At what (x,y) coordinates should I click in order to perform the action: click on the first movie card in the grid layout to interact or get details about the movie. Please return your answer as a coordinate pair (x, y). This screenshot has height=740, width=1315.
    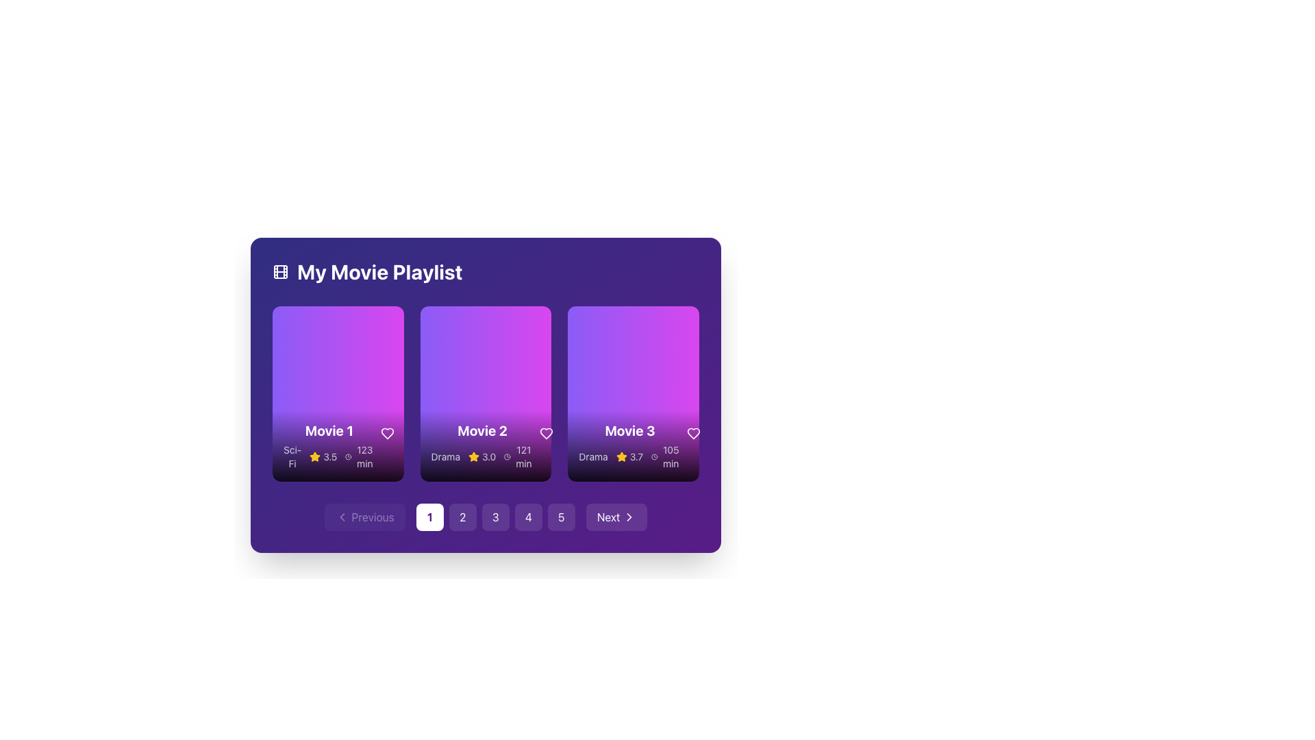
    Looking at the image, I should click on (338, 393).